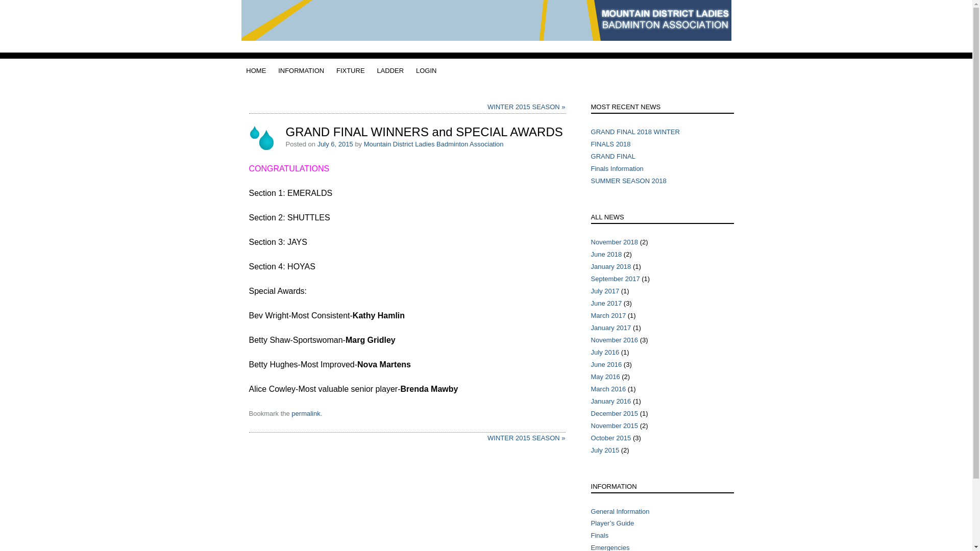 The height and width of the screenshot is (551, 980). Describe the element at coordinates (600, 535) in the screenshot. I see `'Finals'` at that location.